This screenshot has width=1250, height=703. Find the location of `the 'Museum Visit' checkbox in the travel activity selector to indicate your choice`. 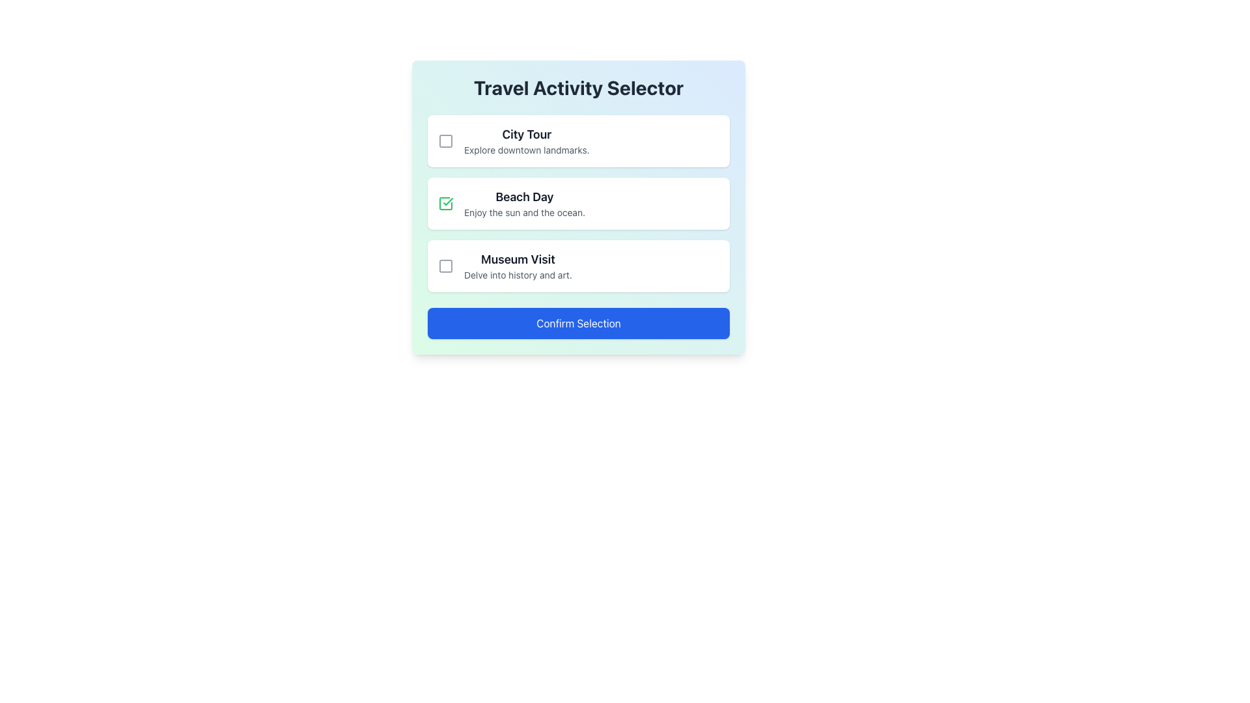

the 'Museum Visit' checkbox in the travel activity selector to indicate your choice is located at coordinates (577, 265).